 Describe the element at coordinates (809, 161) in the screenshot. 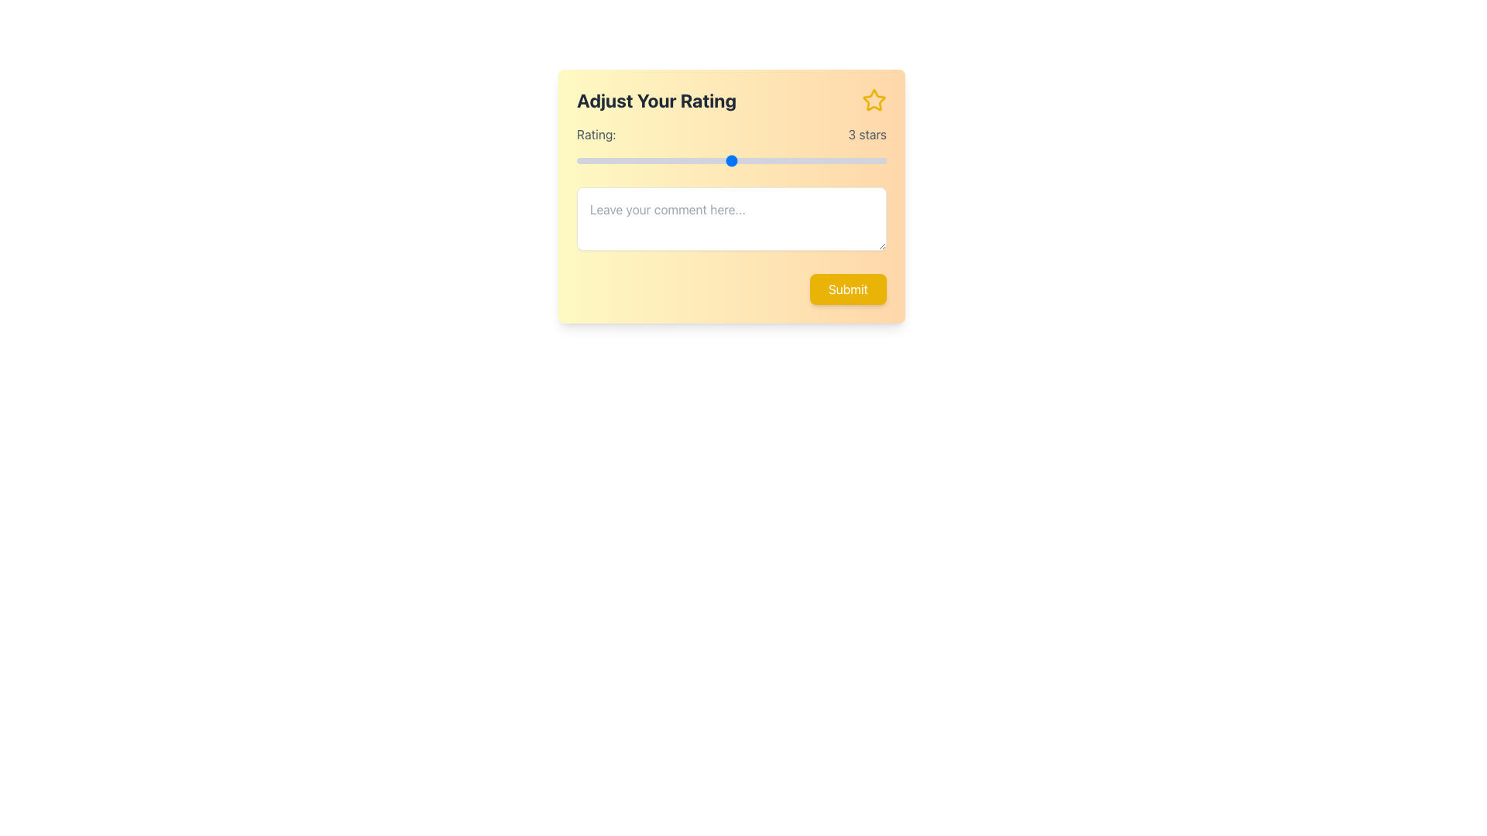

I see `the slider` at that location.